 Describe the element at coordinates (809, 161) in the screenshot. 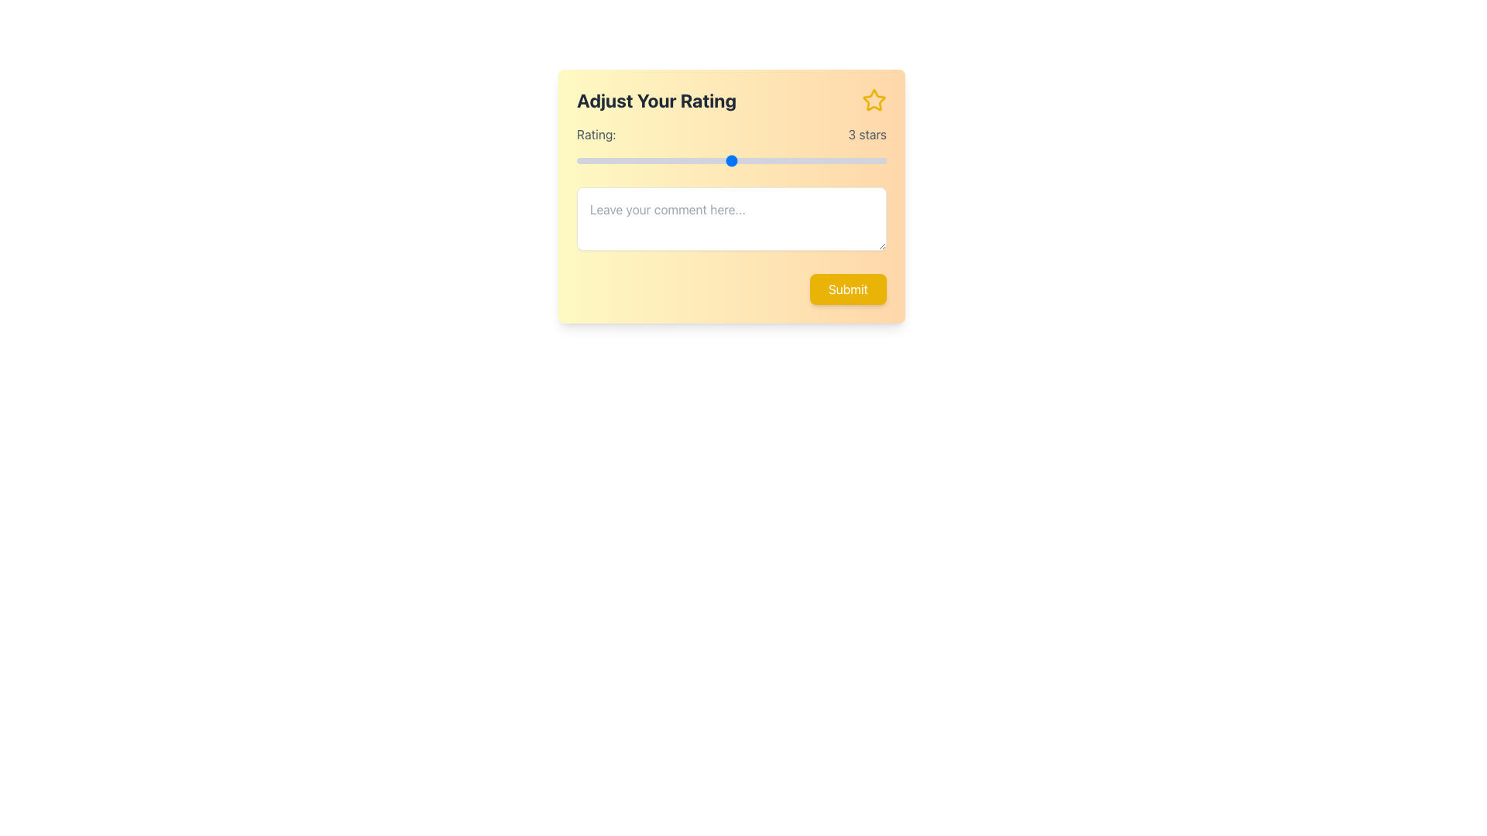

I see `the slider` at that location.